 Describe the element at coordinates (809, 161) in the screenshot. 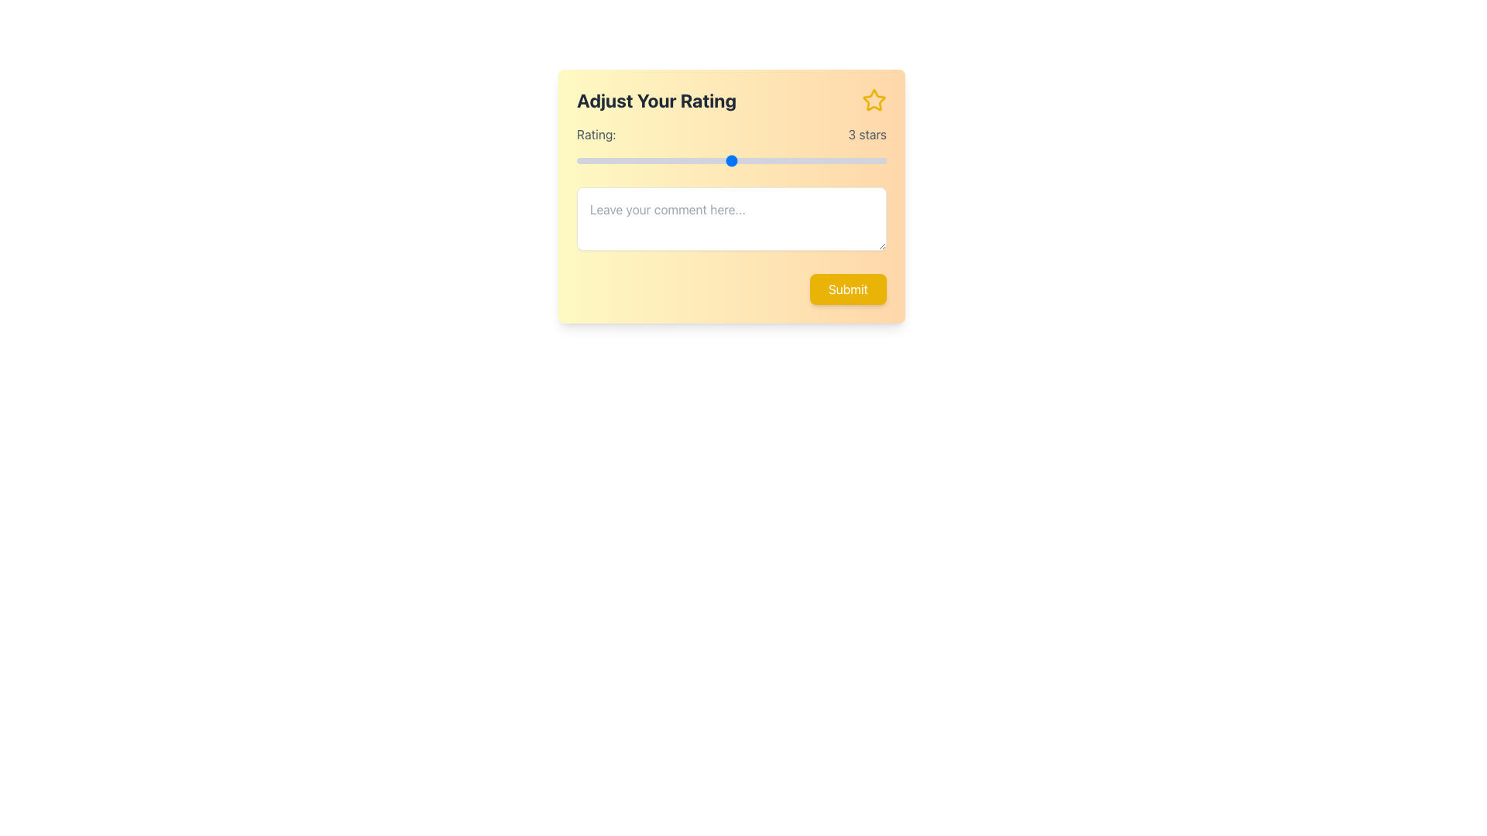

I see `the slider` at that location.